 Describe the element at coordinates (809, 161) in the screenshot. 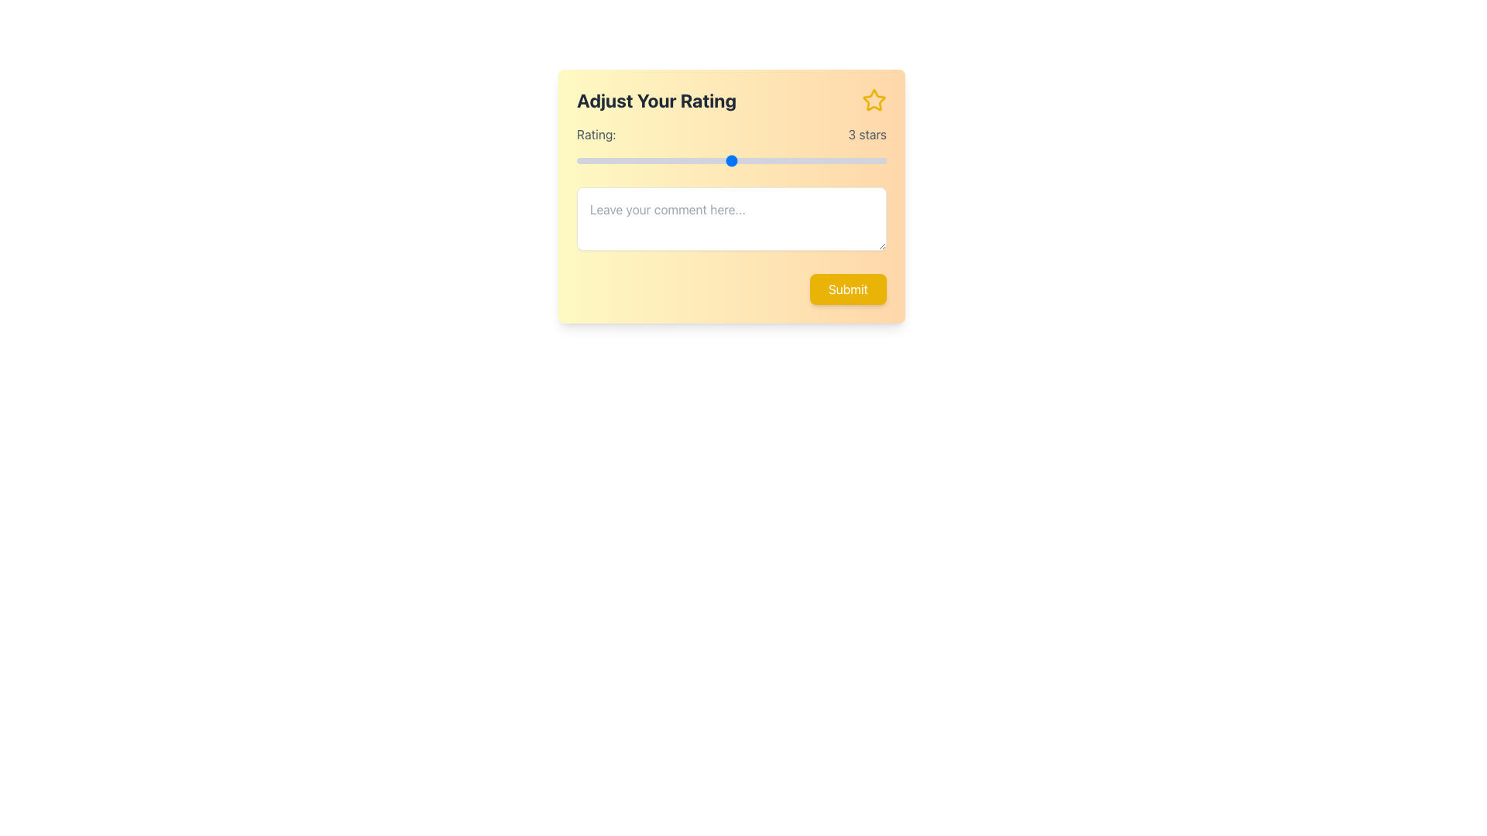

I see `the slider` at that location.